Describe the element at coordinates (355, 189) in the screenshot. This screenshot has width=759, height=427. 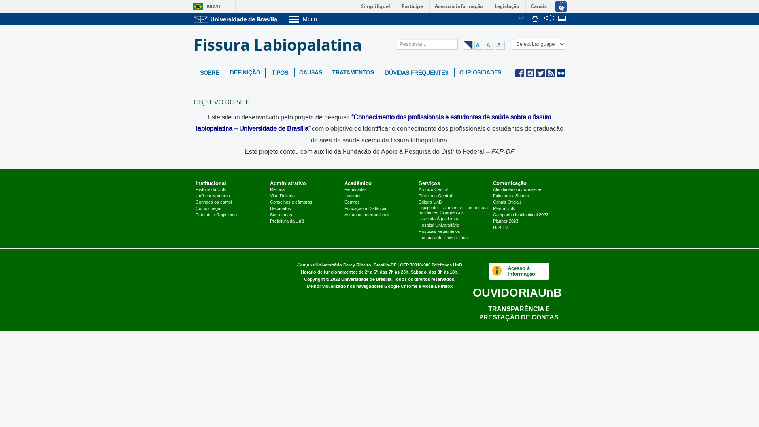
I see `'Faculdades'` at that location.